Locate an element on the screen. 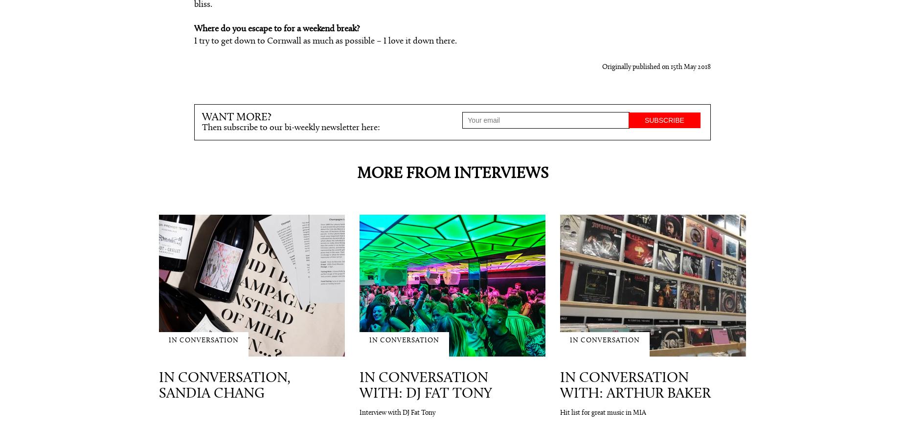  '15th May 2018' is located at coordinates (670, 66).